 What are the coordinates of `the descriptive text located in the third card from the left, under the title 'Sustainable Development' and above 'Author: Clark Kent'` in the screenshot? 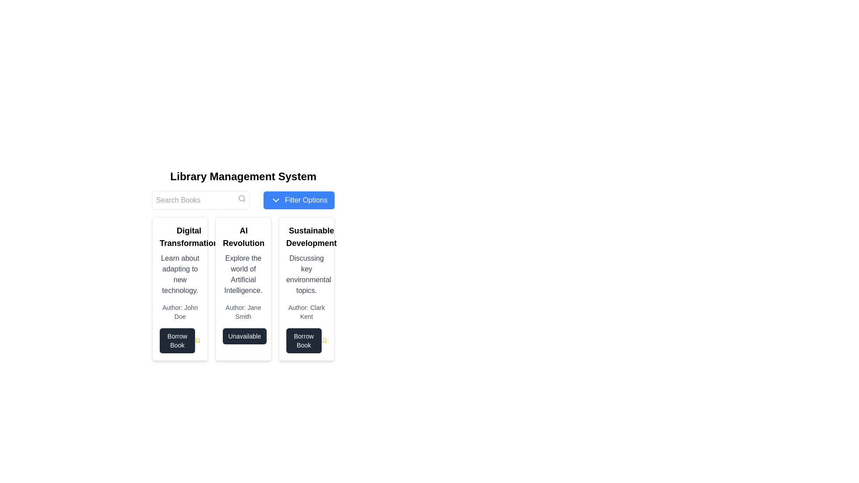 It's located at (306, 274).